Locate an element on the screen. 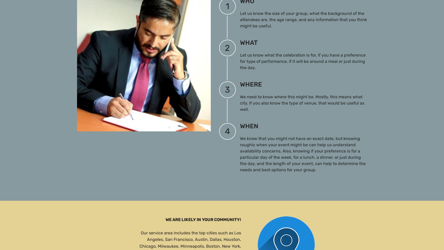 The width and height of the screenshot is (444, 250). 'Let us know what the celebration is for, if you have a preference for type of performance, if it will be around a meal or just during the day.' is located at coordinates (302, 61).